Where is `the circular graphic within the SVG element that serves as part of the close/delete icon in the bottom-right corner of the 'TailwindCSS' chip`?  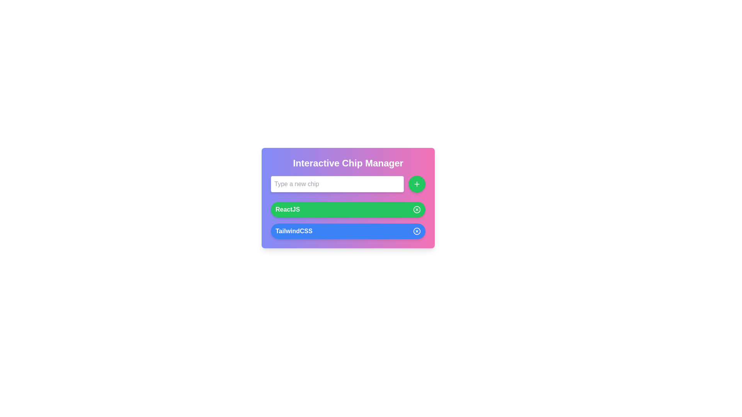
the circular graphic within the SVG element that serves as part of the close/delete icon in the bottom-right corner of the 'TailwindCSS' chip is located at coordinates (417, 231).